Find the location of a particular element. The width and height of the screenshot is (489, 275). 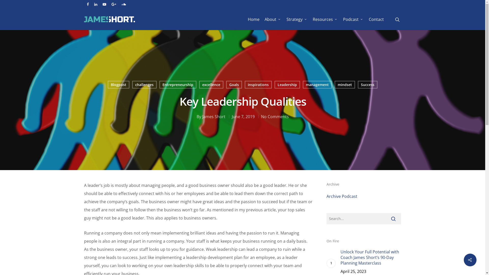

'challenges' is located at coordinates (144, 84).